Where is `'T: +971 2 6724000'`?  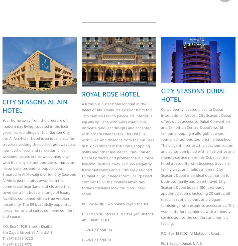 'T: +971 2 6724000' is located at coordinates (96, 230).